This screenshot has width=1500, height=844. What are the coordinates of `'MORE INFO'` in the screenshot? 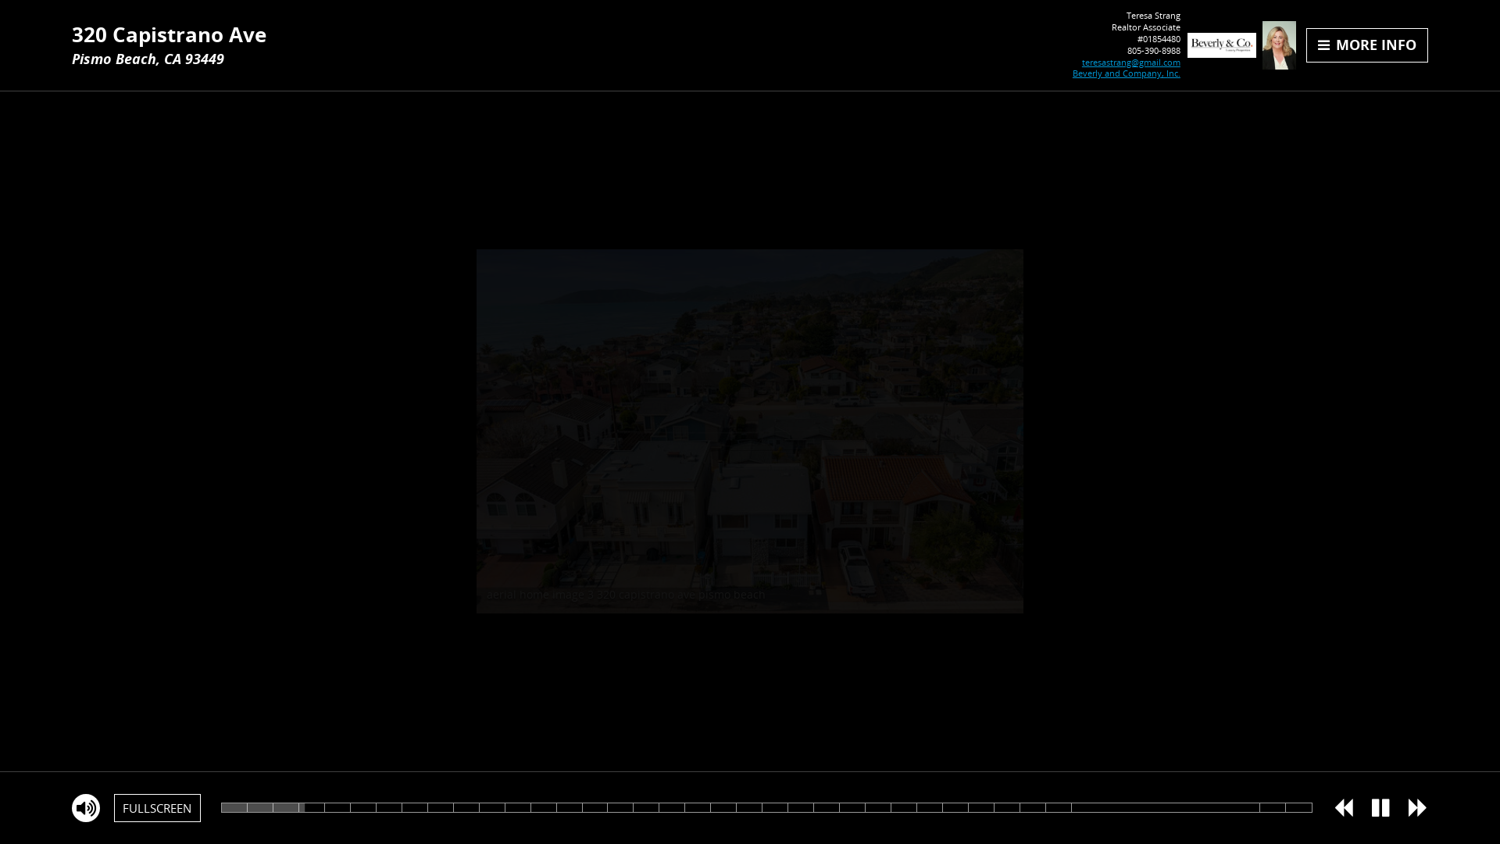 It's located at (1366, 44).